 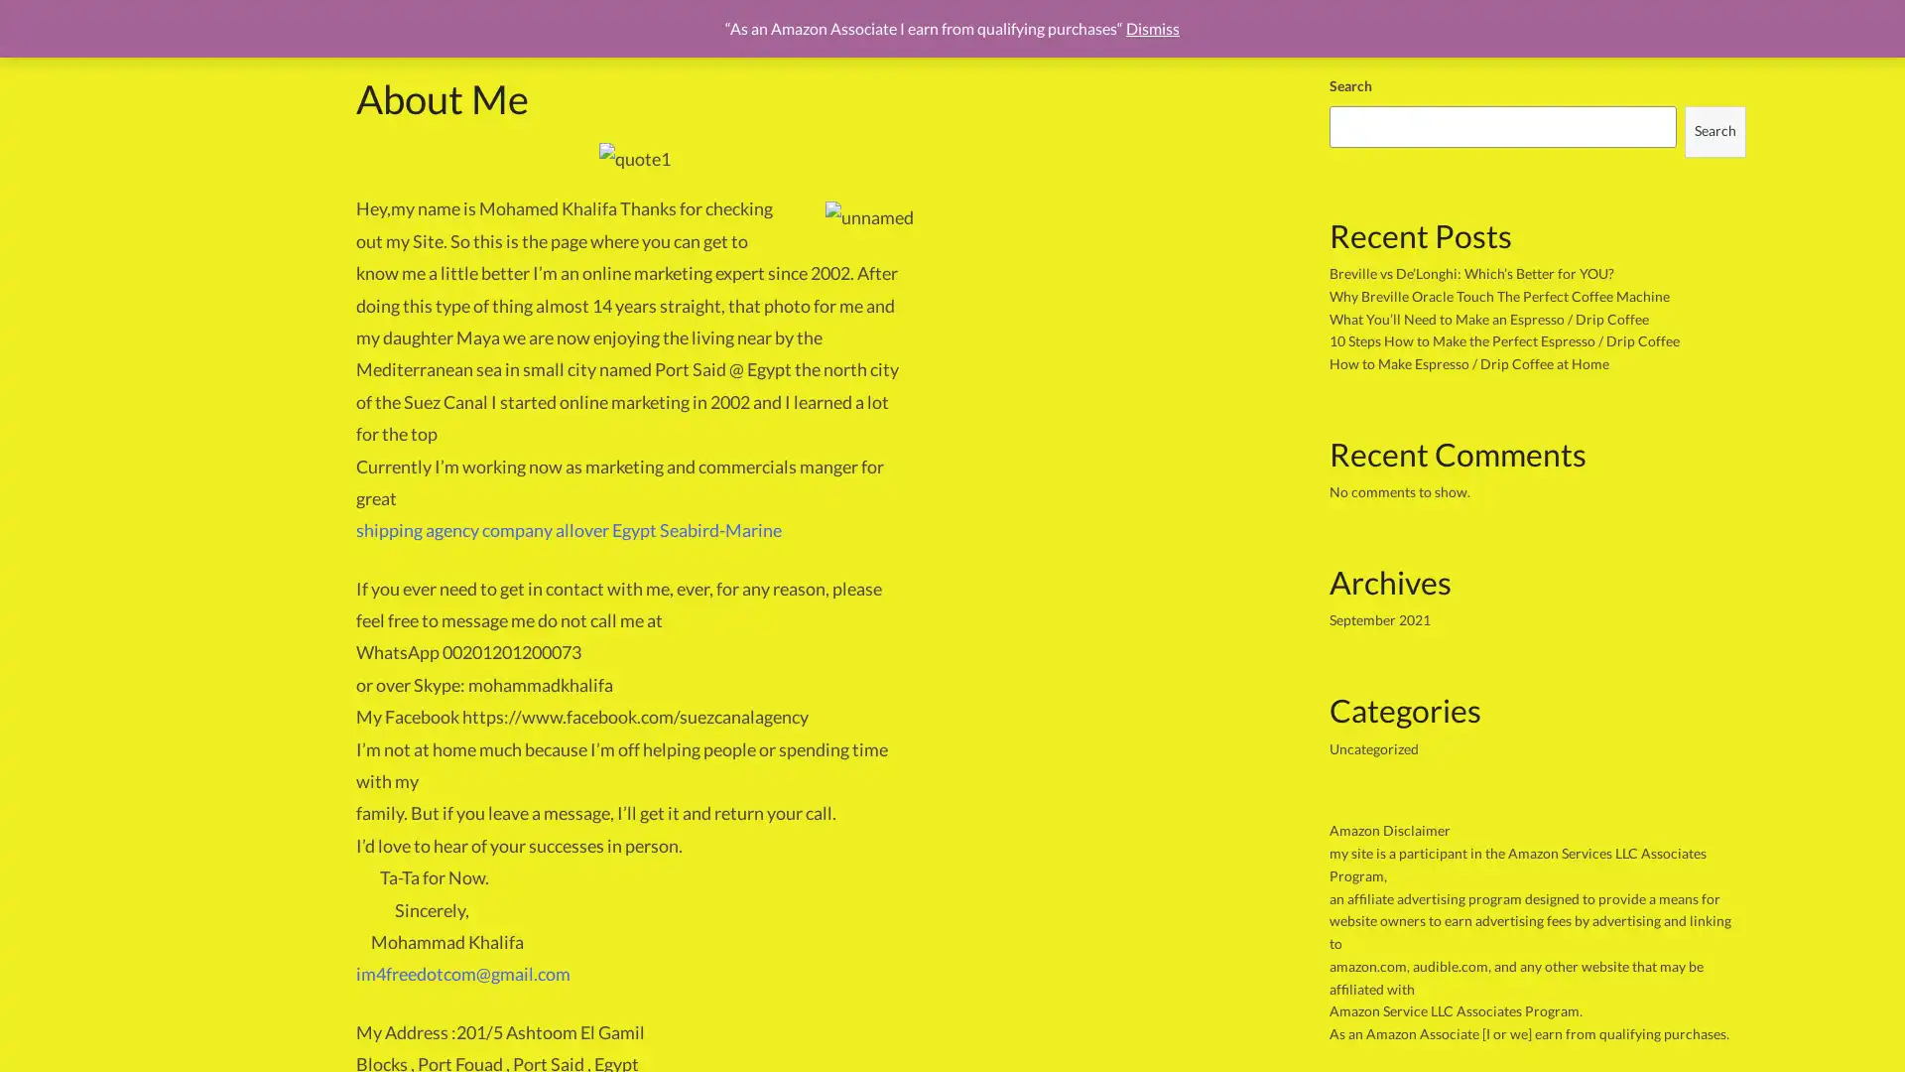 I want to click on Search, so click(x=1714, y=130).